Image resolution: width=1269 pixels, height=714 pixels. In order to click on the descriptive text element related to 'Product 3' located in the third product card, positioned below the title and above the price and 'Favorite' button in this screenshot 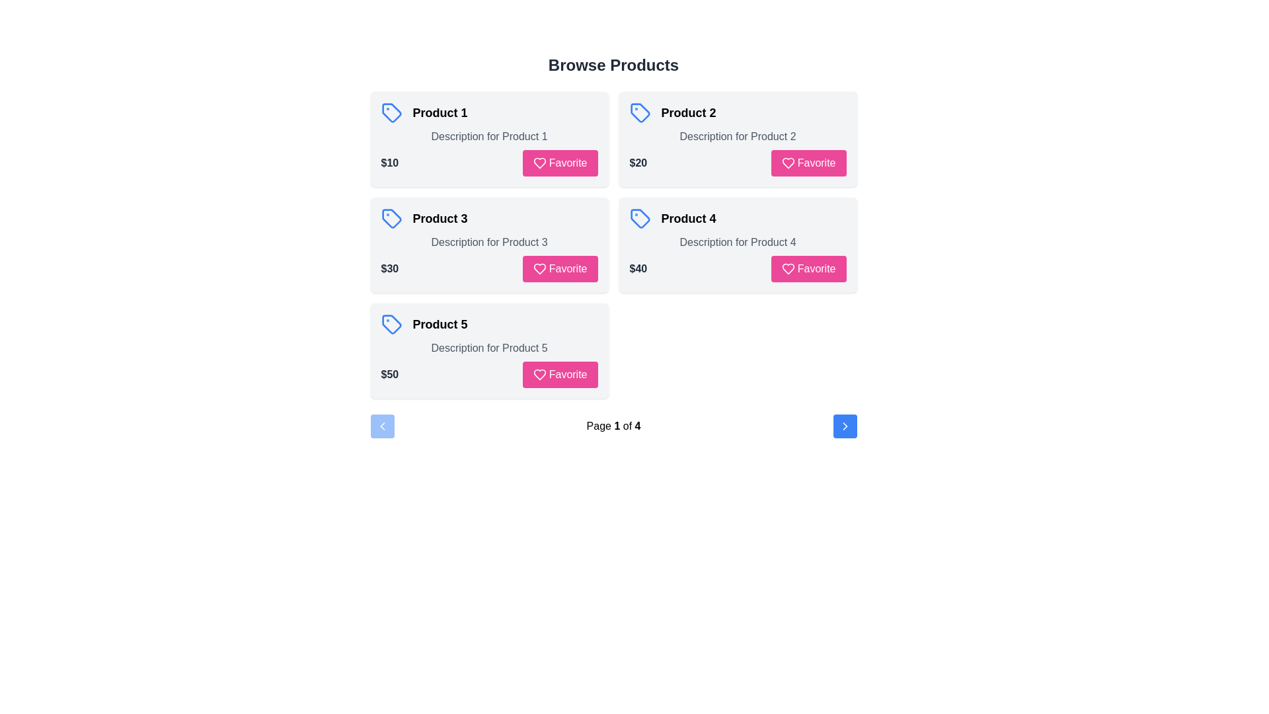, I will do `click(488, 242)`.